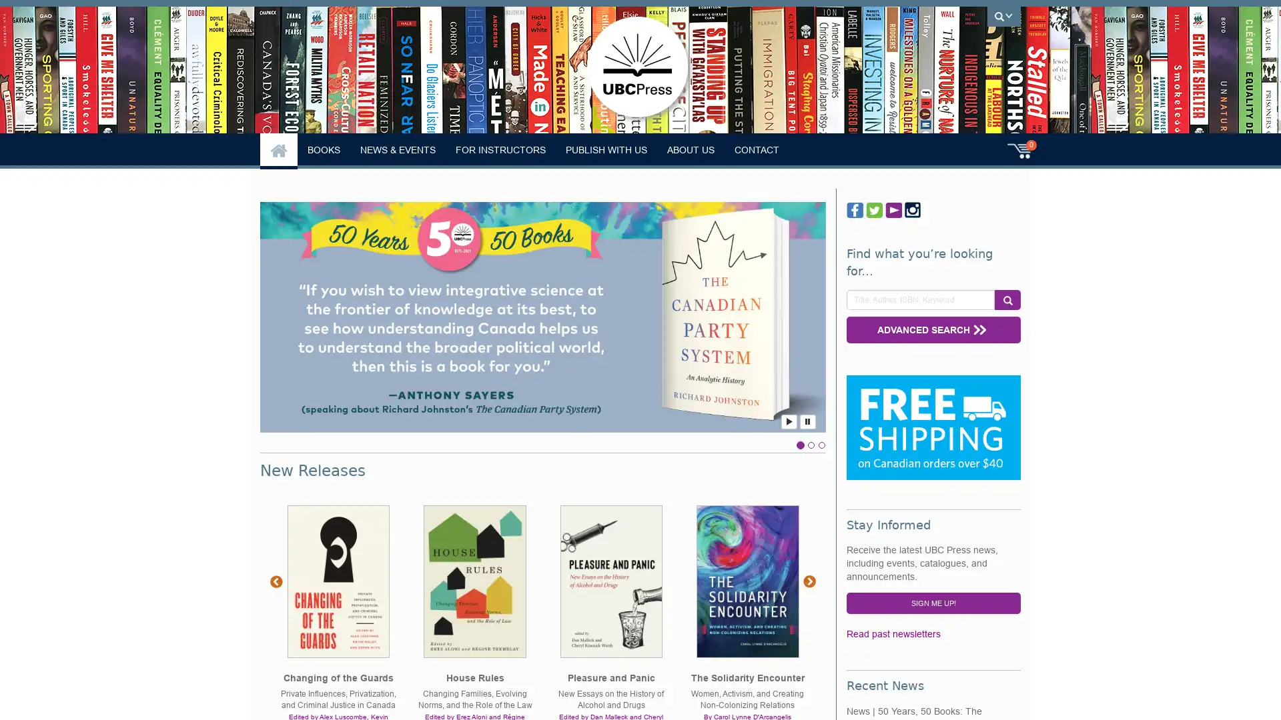 This screenshot has height=720, width=1281. Describe the element at coordinates (324, 149) in the screenshot. I see `BOOKS` at that location.